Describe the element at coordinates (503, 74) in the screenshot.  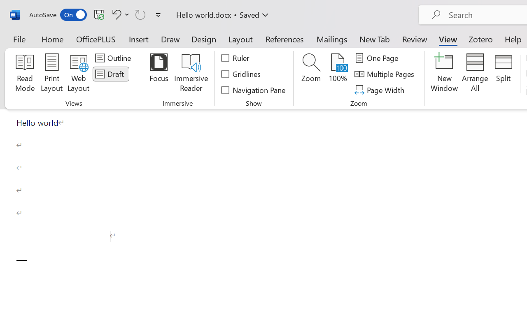
I see `'Split'` at that location.